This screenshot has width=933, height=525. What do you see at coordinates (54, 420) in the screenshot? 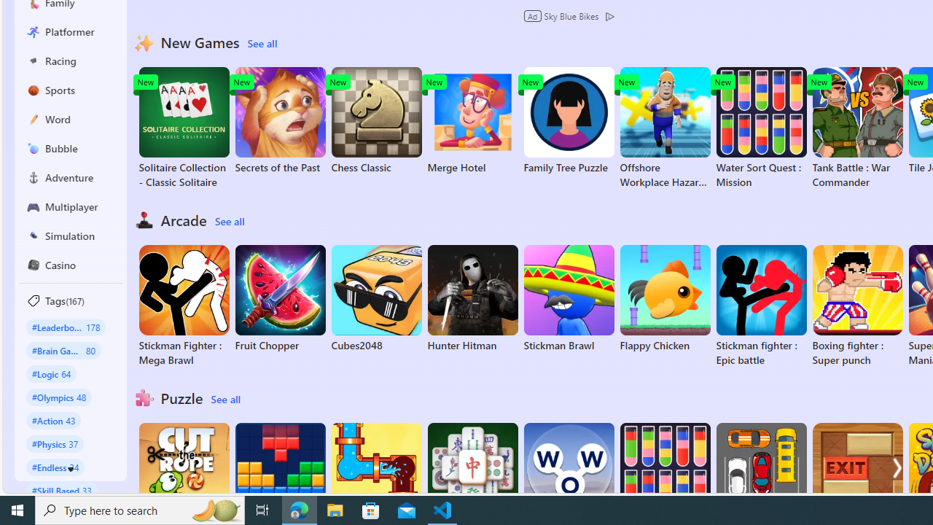
I see `'#Action 43'` at bounding box center [54, 420].